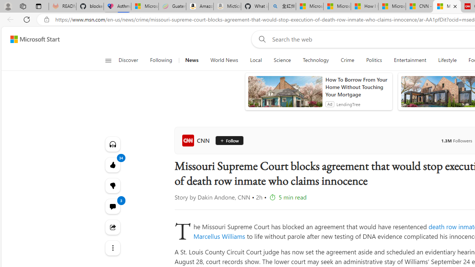 The width and height of the screenshot is (475, 267). Describe the element at coordinates (329, 104) in the screenshot. I see `'Ad'` at that location.